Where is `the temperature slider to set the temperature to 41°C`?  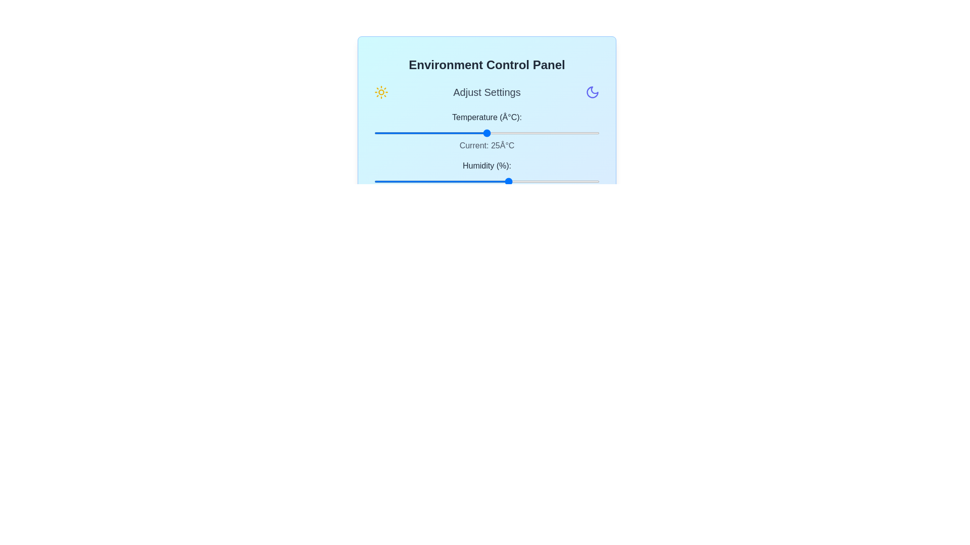
the temperature slider to set the temperature to 41°C is located at coordinates (558, 132).